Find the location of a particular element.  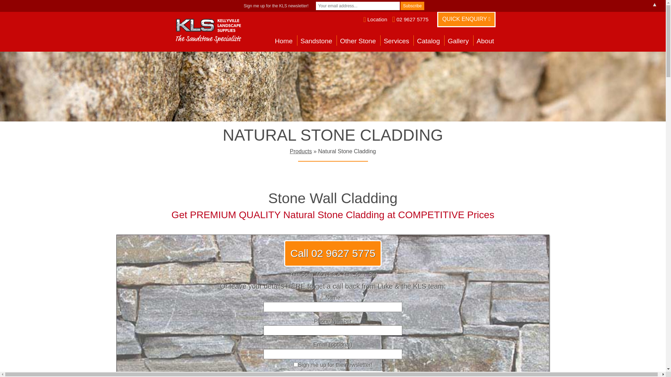

'Sandstone' is located at coordinates (316, 42).